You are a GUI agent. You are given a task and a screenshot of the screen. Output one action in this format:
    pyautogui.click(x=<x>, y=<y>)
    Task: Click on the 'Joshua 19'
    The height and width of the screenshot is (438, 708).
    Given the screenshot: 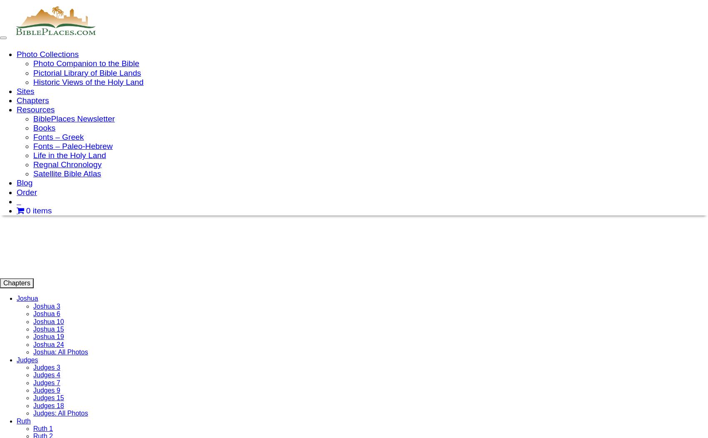 What is the action you would take?
    pyautogui.click(x=48, y=337)
    